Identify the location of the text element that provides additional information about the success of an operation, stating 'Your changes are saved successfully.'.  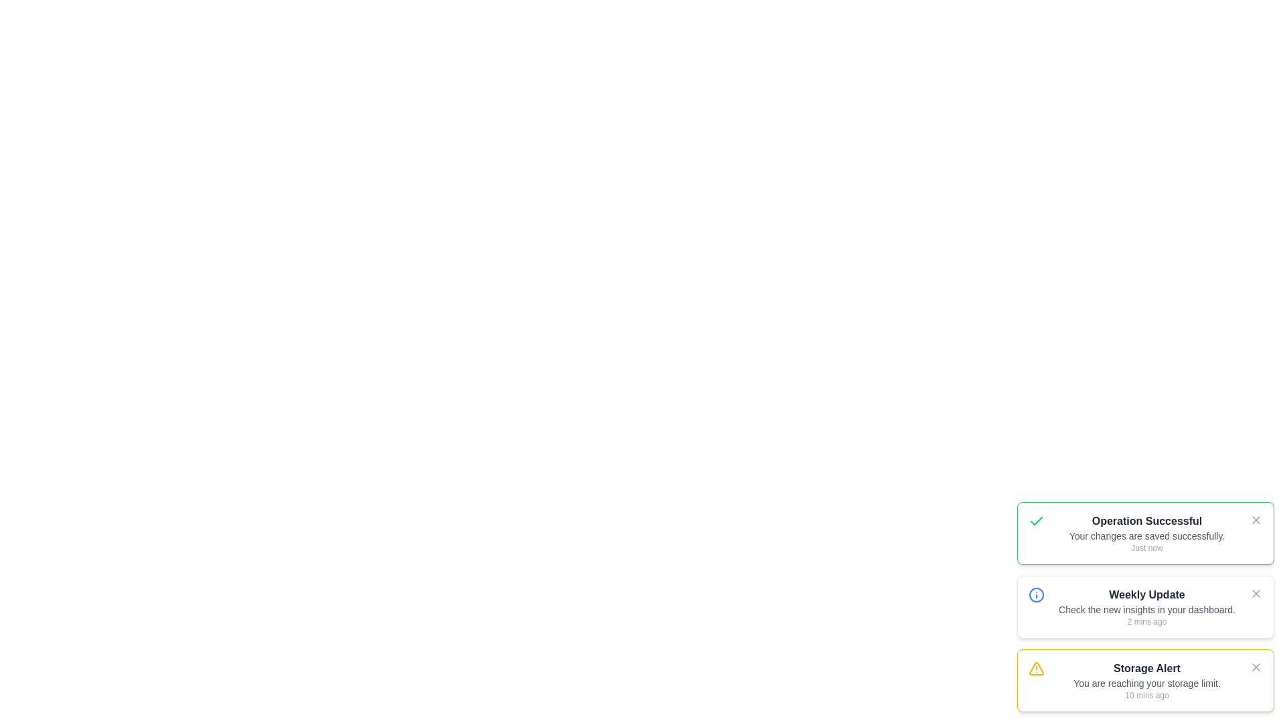
(1146, 536).